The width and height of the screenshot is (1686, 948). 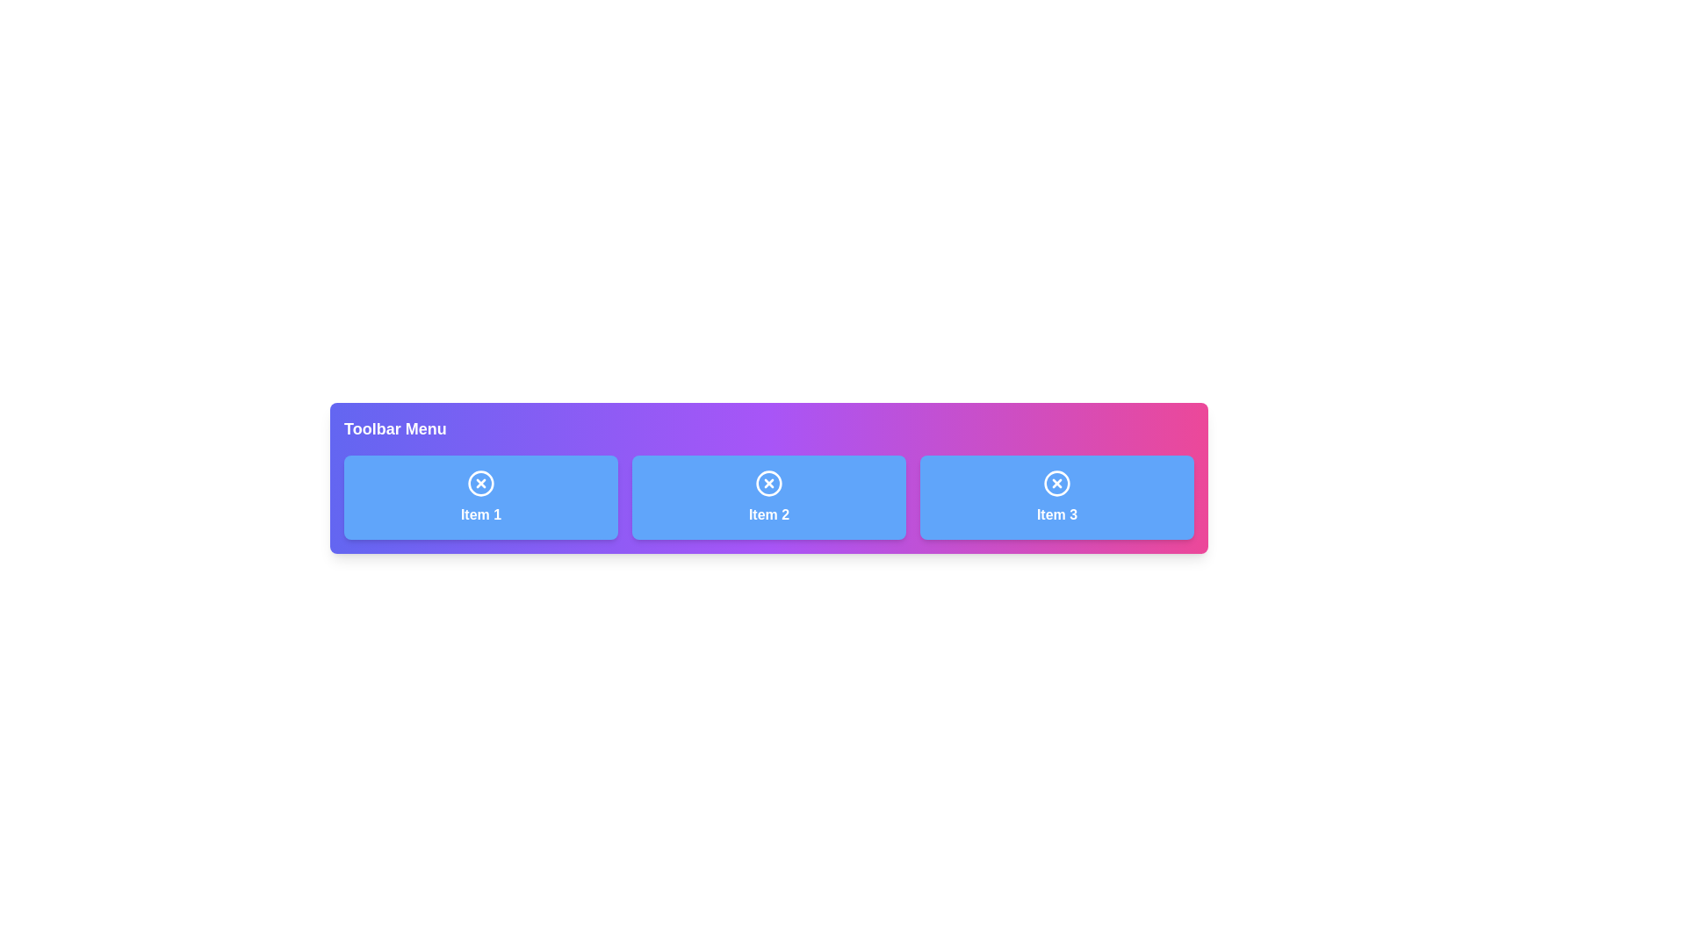 What do you see at coordinates (480, 498) in the screenshot?
I see `the interactive button for 'Item 1' located under the 'Toolbar Menu' label` at bounding box center [480, 498].